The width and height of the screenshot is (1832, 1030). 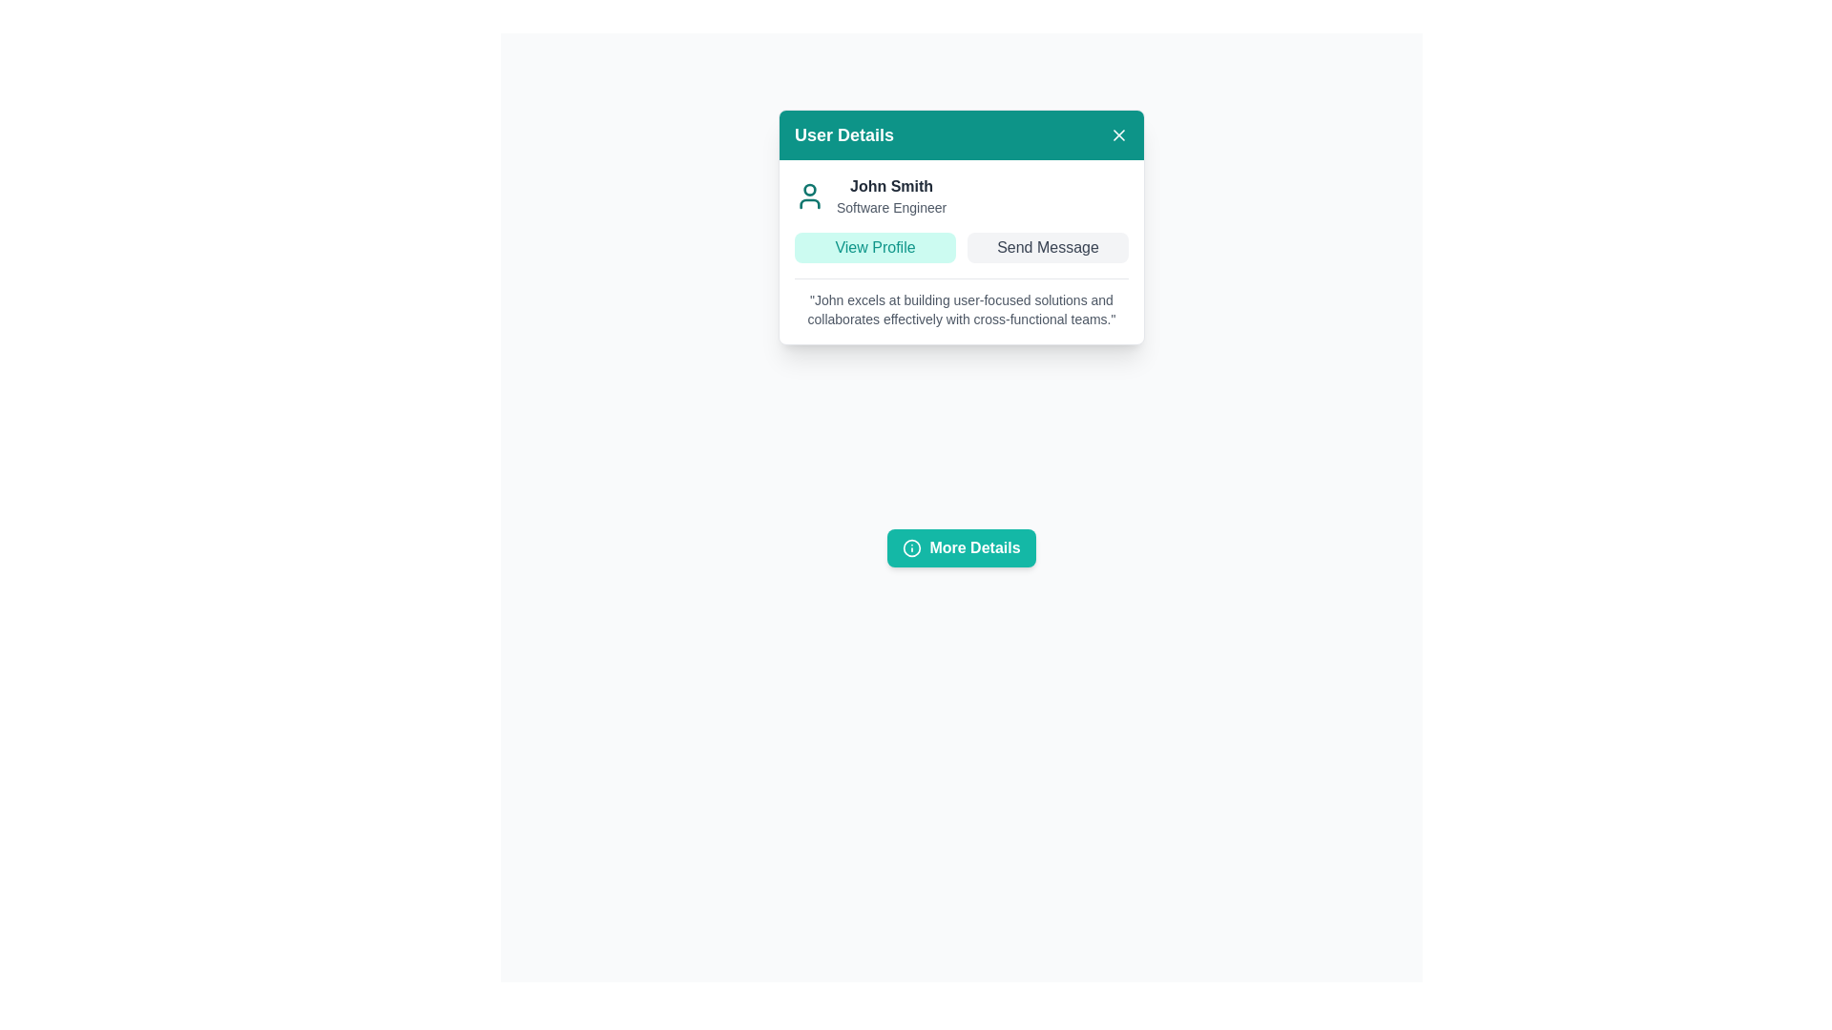 What do you see at coordinates (810, 190) in the screenshot?
I see `the SVG Circle element that serves as a decorative aspect of the user avatar icon located in the upper-left portion of the user avatar image within the 'User Details' card` at bounding box center [810, 190].